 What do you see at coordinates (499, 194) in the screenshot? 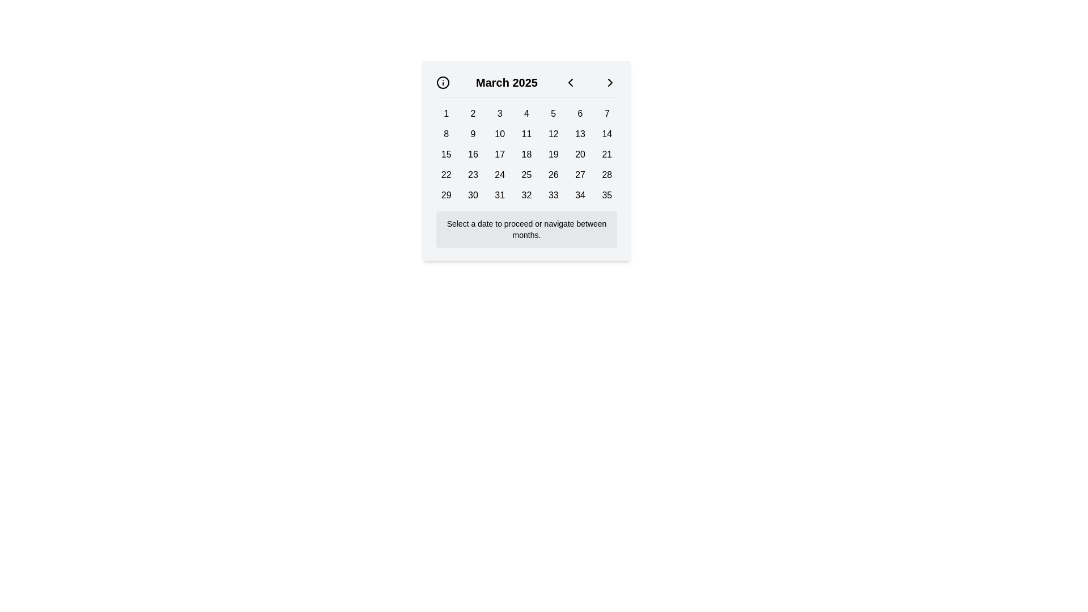
I see `the date selection button labeled '31' in the calendar grid` at bounding box center [499, 194].